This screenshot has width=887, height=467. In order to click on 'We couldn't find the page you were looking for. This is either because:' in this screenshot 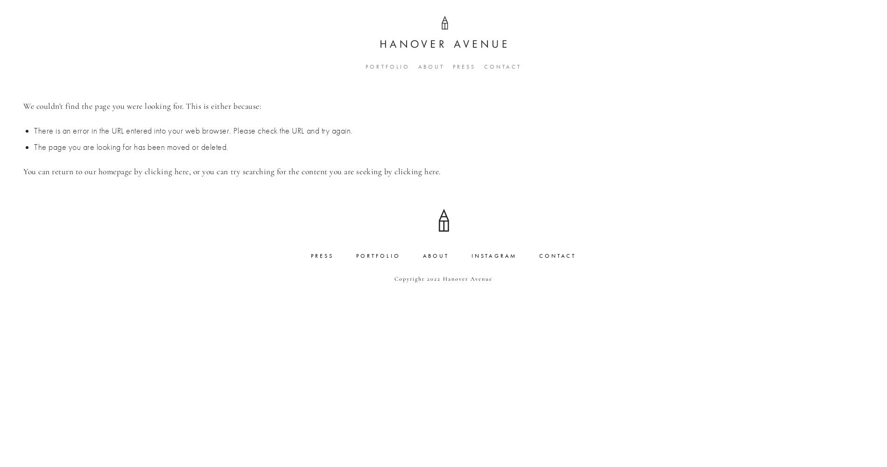, I will do `click(141, 106)`.